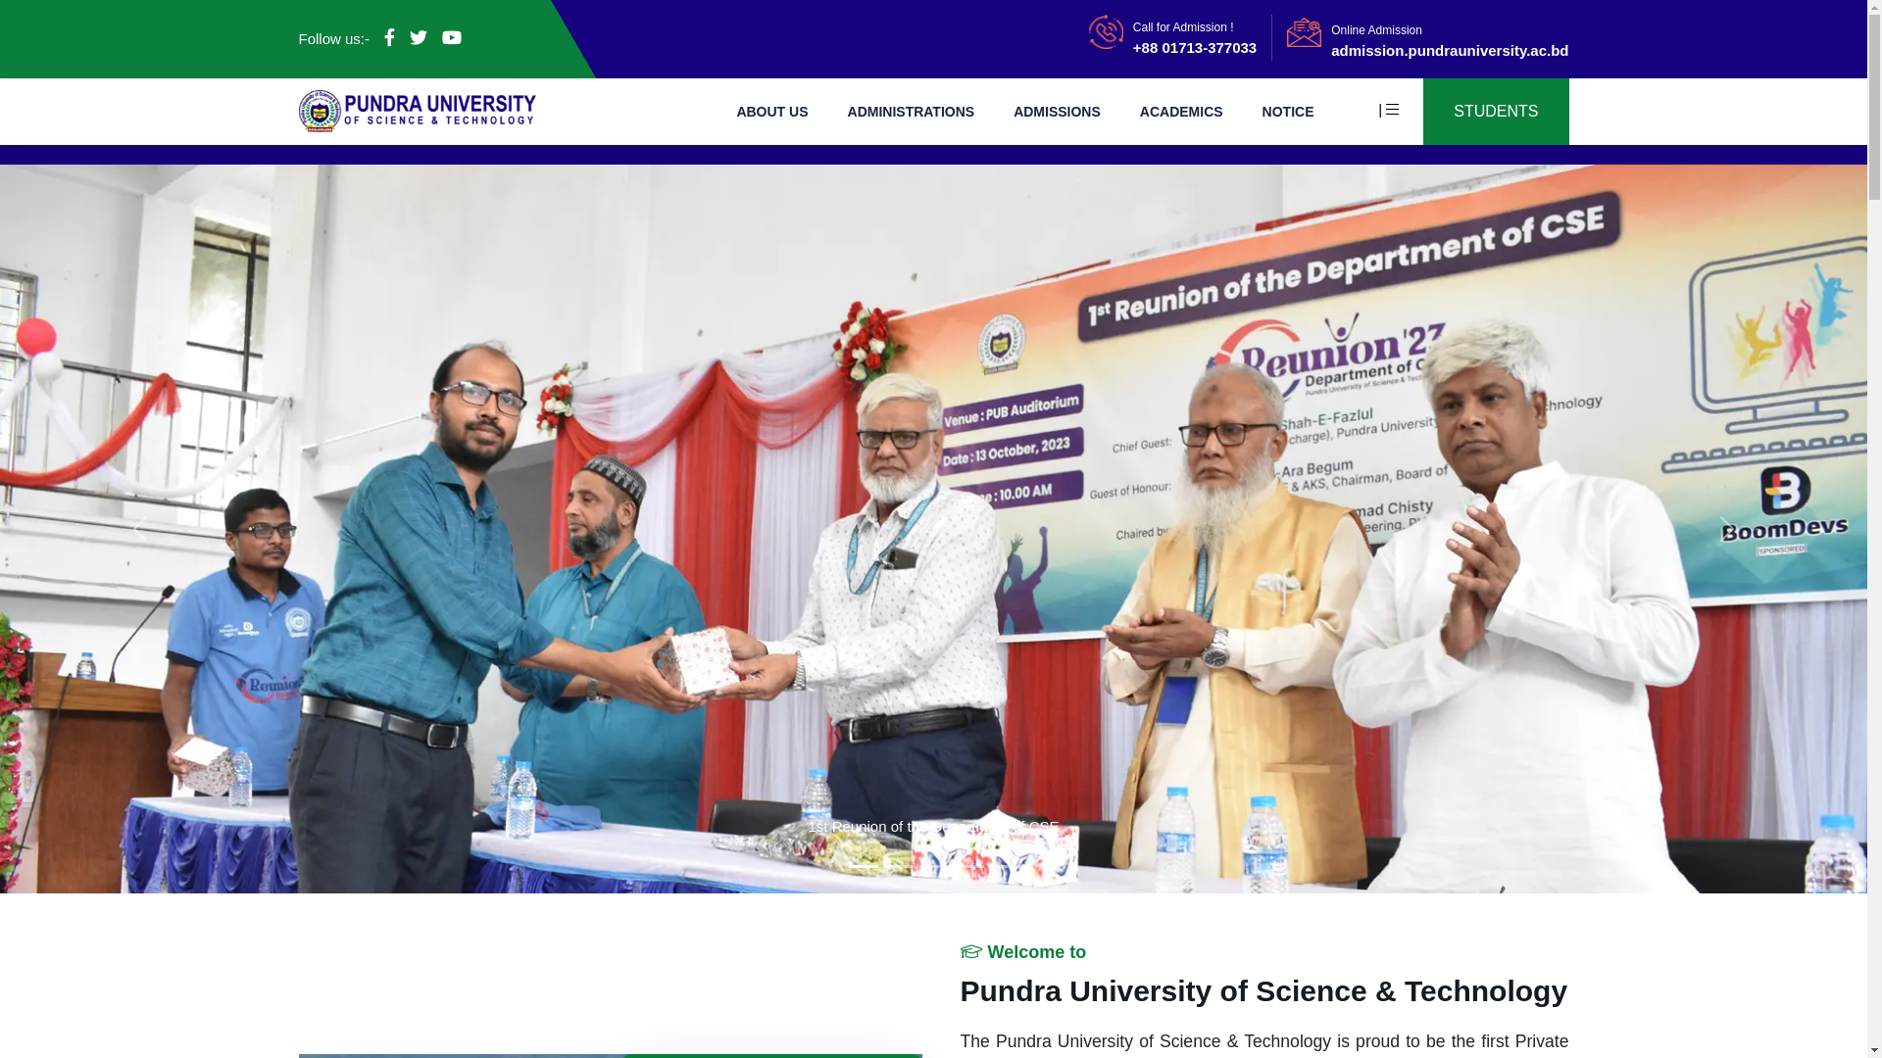 The image size is (1882, 1058). What do you see at coordinates (1180, 110) in the screenshot?
I see `'ACADEMICS'` at bounding box center [1180, 110].